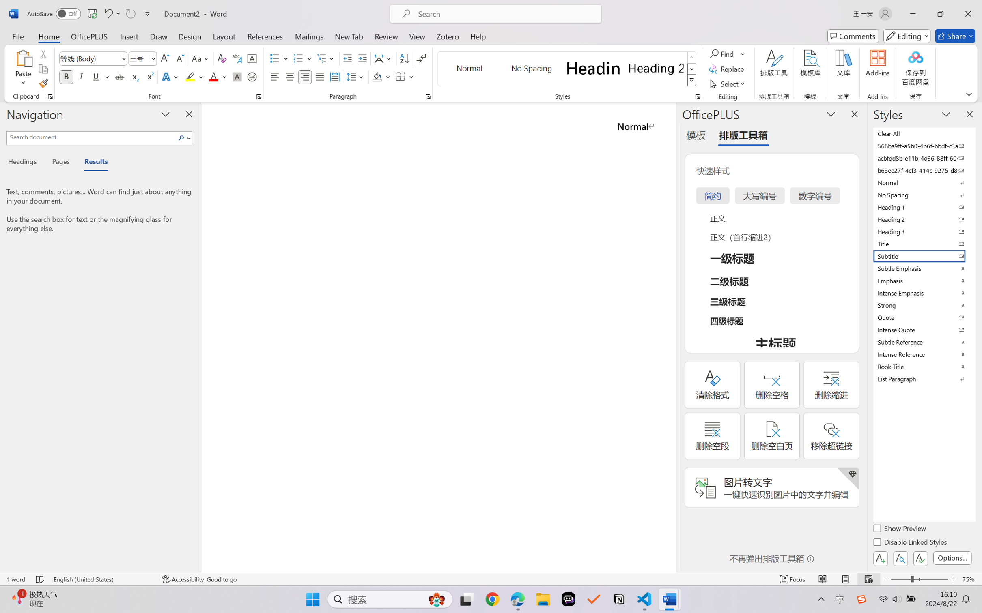 The height and width of the screenshot is (613, 982). Describe the element at coordinates (15, 579) in the screenshot. I see `'Word Count 1 word'` at that location.